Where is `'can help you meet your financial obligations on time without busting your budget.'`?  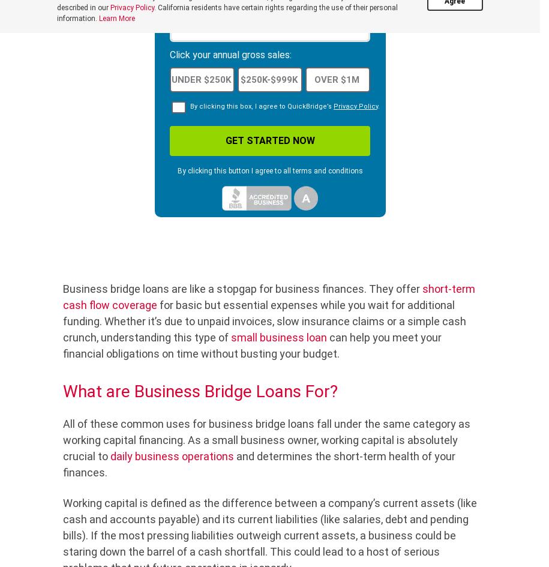 'can help you meet your financial obligations on time without busting your budget.' is located at coordinates (252, 345).